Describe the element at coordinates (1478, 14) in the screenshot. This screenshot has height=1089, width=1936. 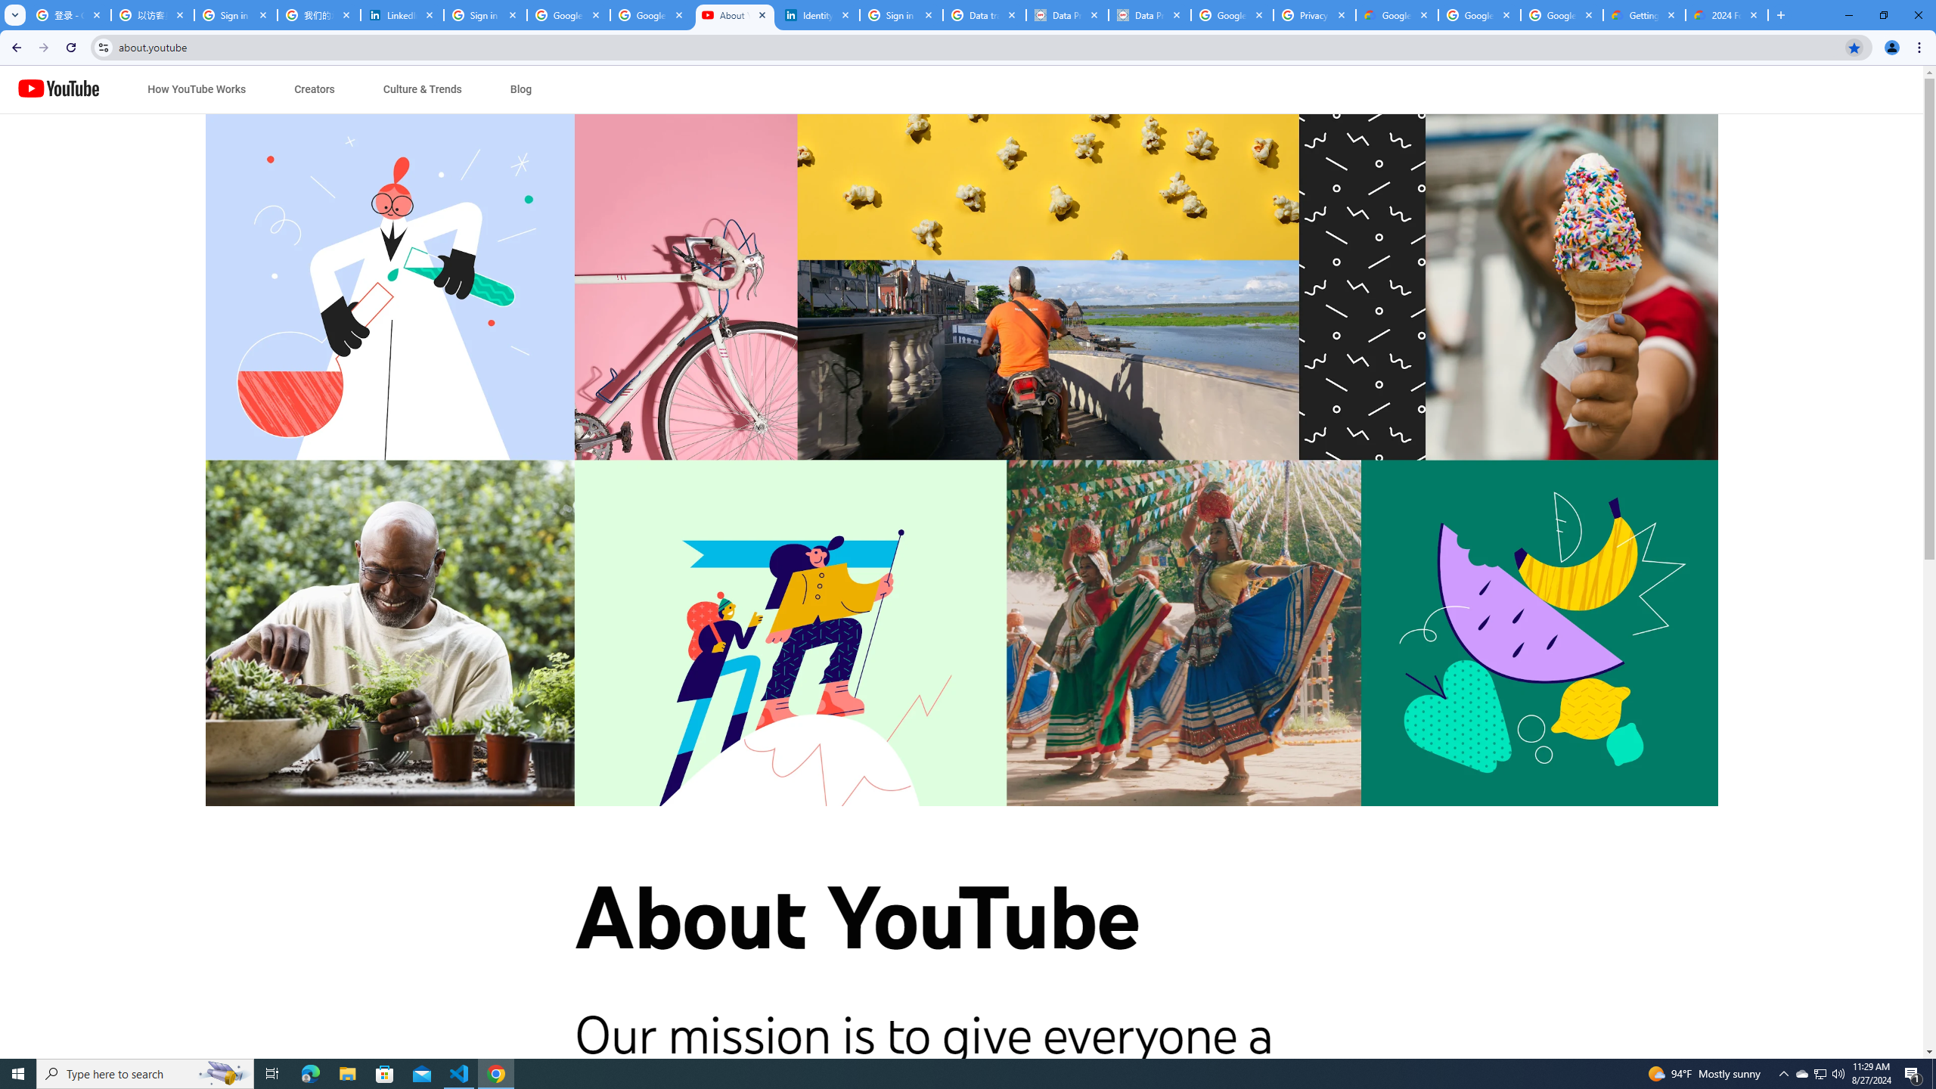
I see `'Google Workspace - Specific Terms'` at that location.